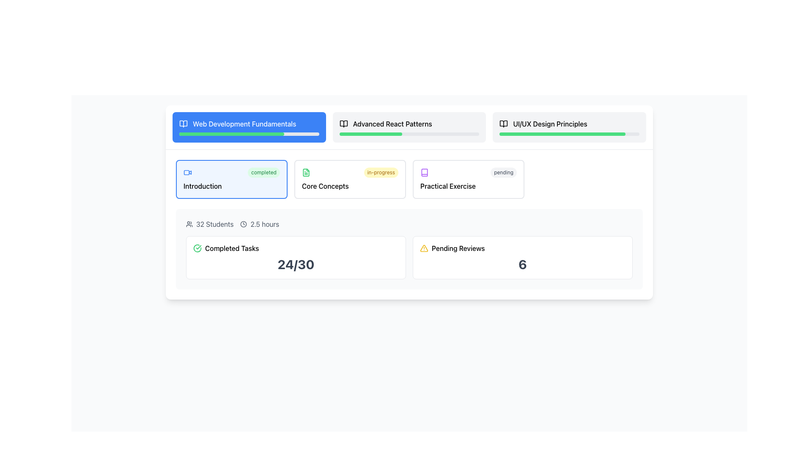 This screenshot has height=457, width=812. I want to click on the text label displaying 'Web Development Fundamentals' on a blue background, located in the top left section of the interface, following a book icon, so click(244, 124).